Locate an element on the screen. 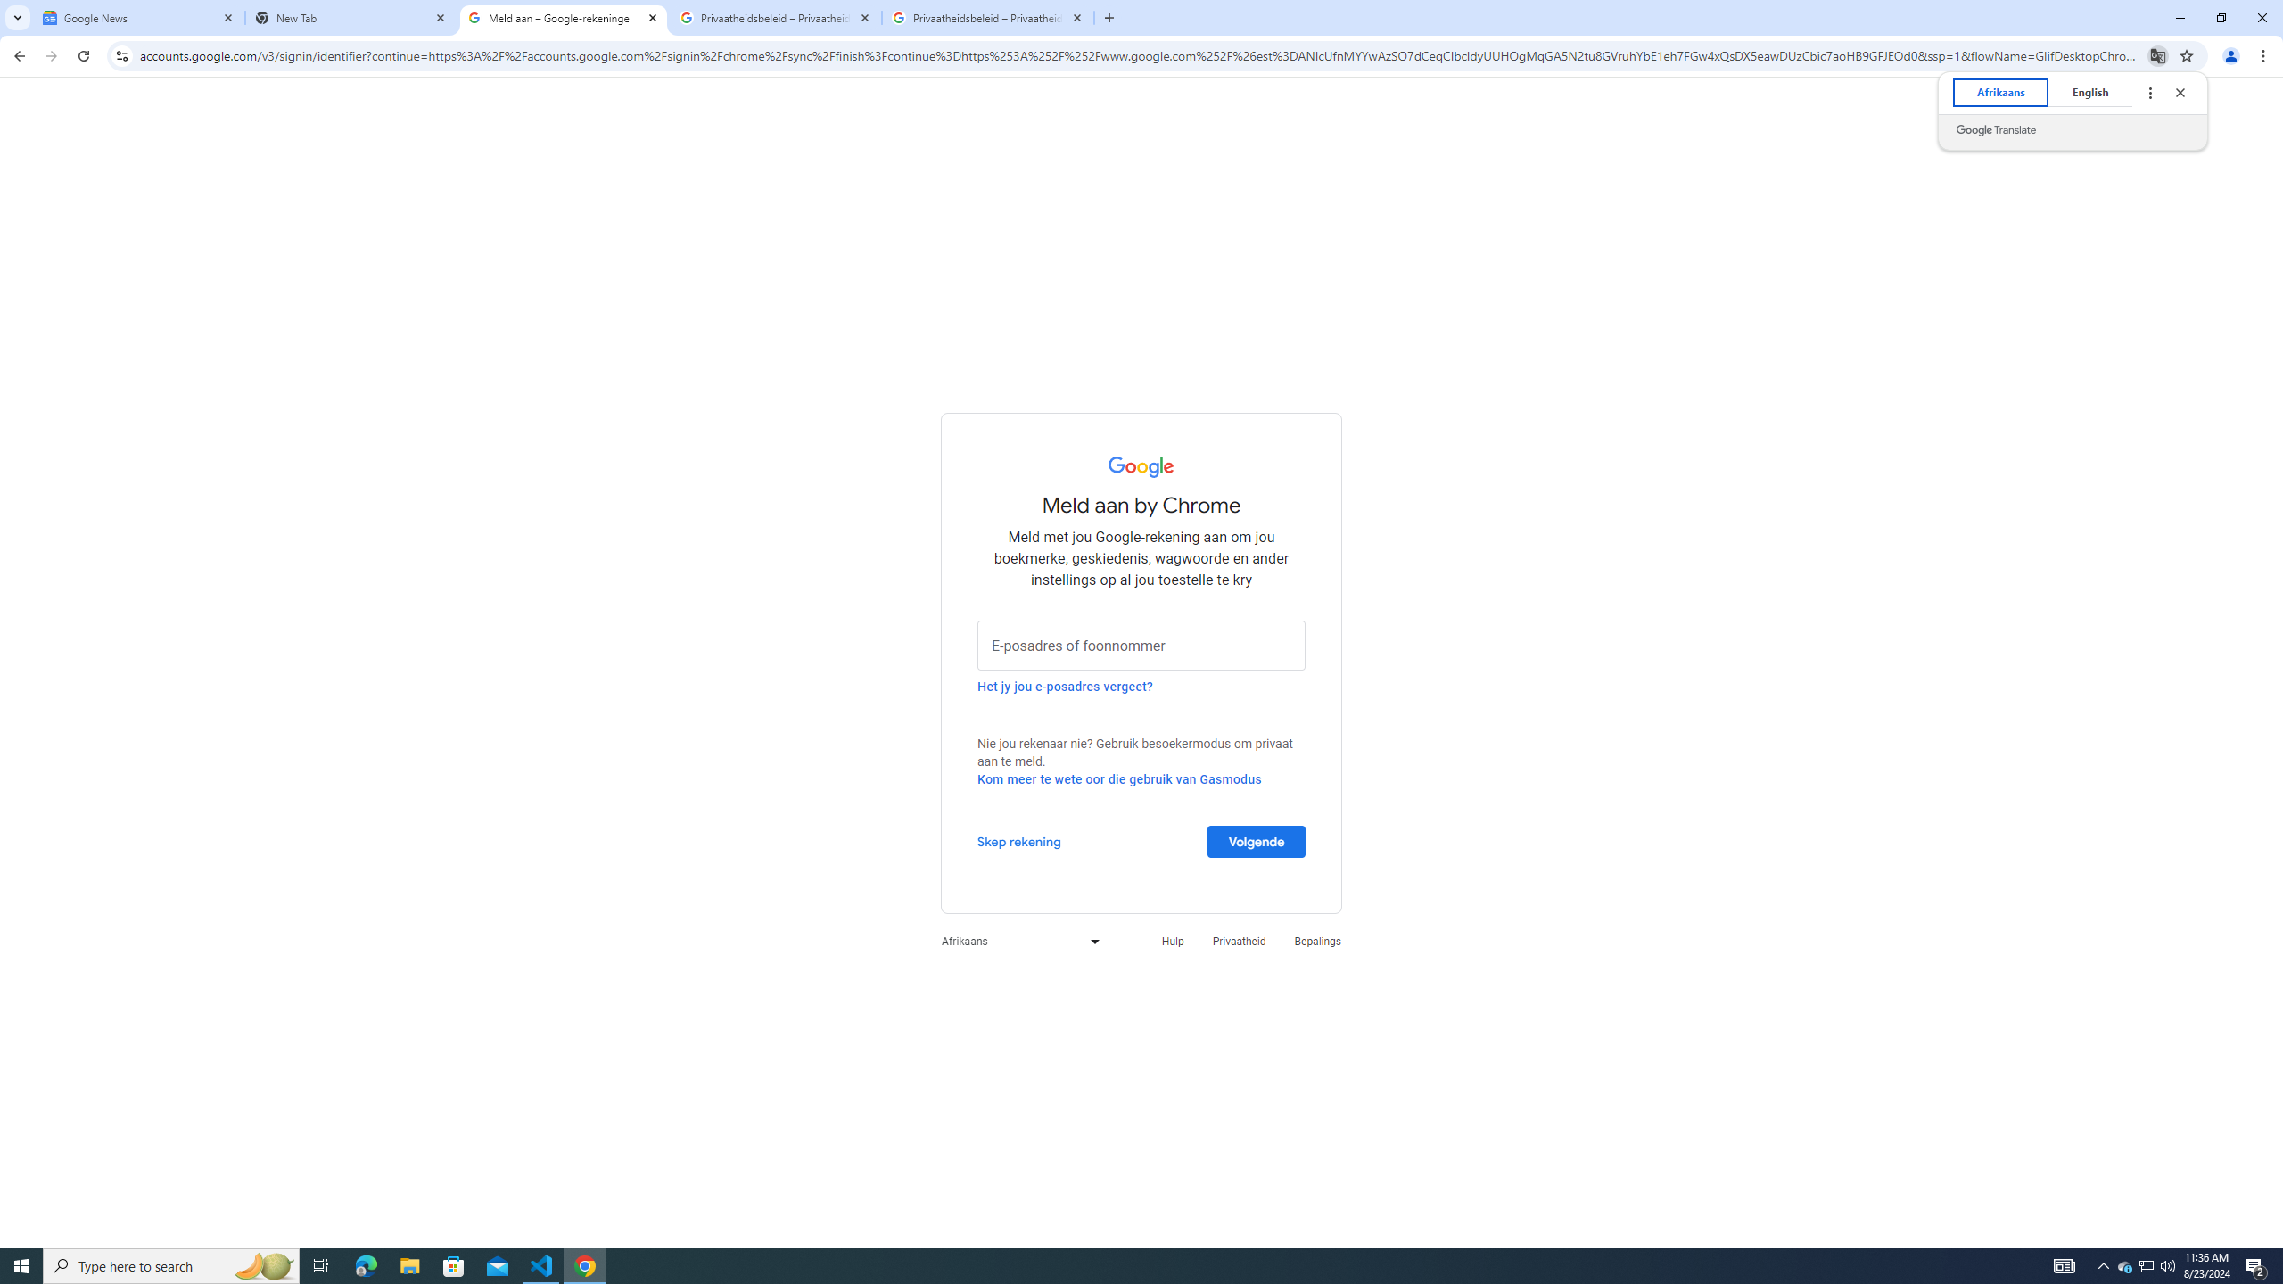 The height and width of the screenshot is (1284, 2283). 'Microsoft Store' is located at coordinates (454, 1264).